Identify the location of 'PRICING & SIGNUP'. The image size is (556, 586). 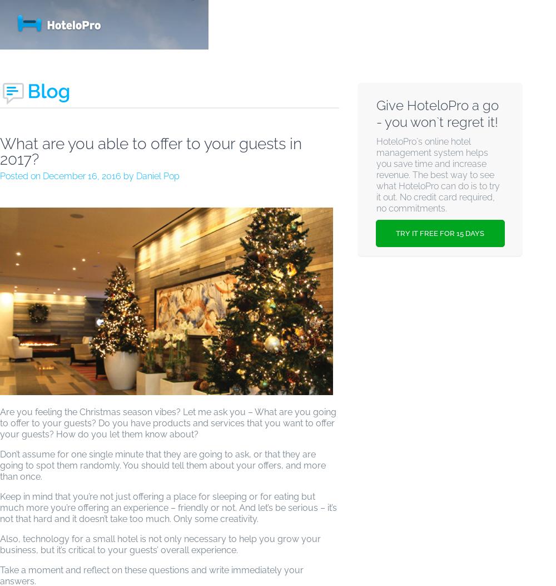
(384, 23).